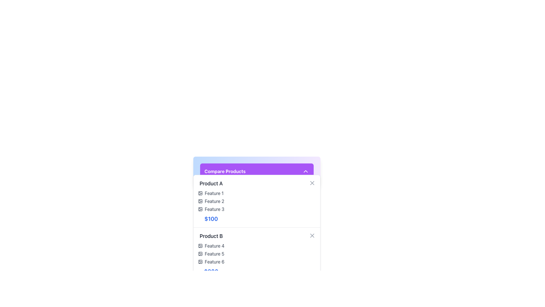 The image size is (545, 307). What do you see at coordinates (312, 183) in the screenshot?
I see `the cross icon representing the delete button for 'Product A' in the comparison list` at bounding box center [312, 183].